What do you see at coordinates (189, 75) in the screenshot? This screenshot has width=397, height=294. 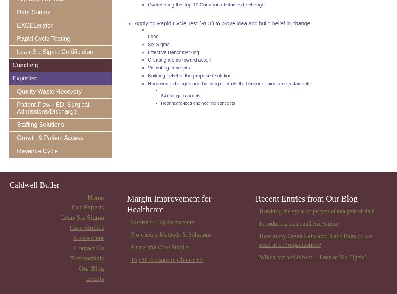 I see `'Building belief in the proposed solution'` at bounding box center [189, 75].